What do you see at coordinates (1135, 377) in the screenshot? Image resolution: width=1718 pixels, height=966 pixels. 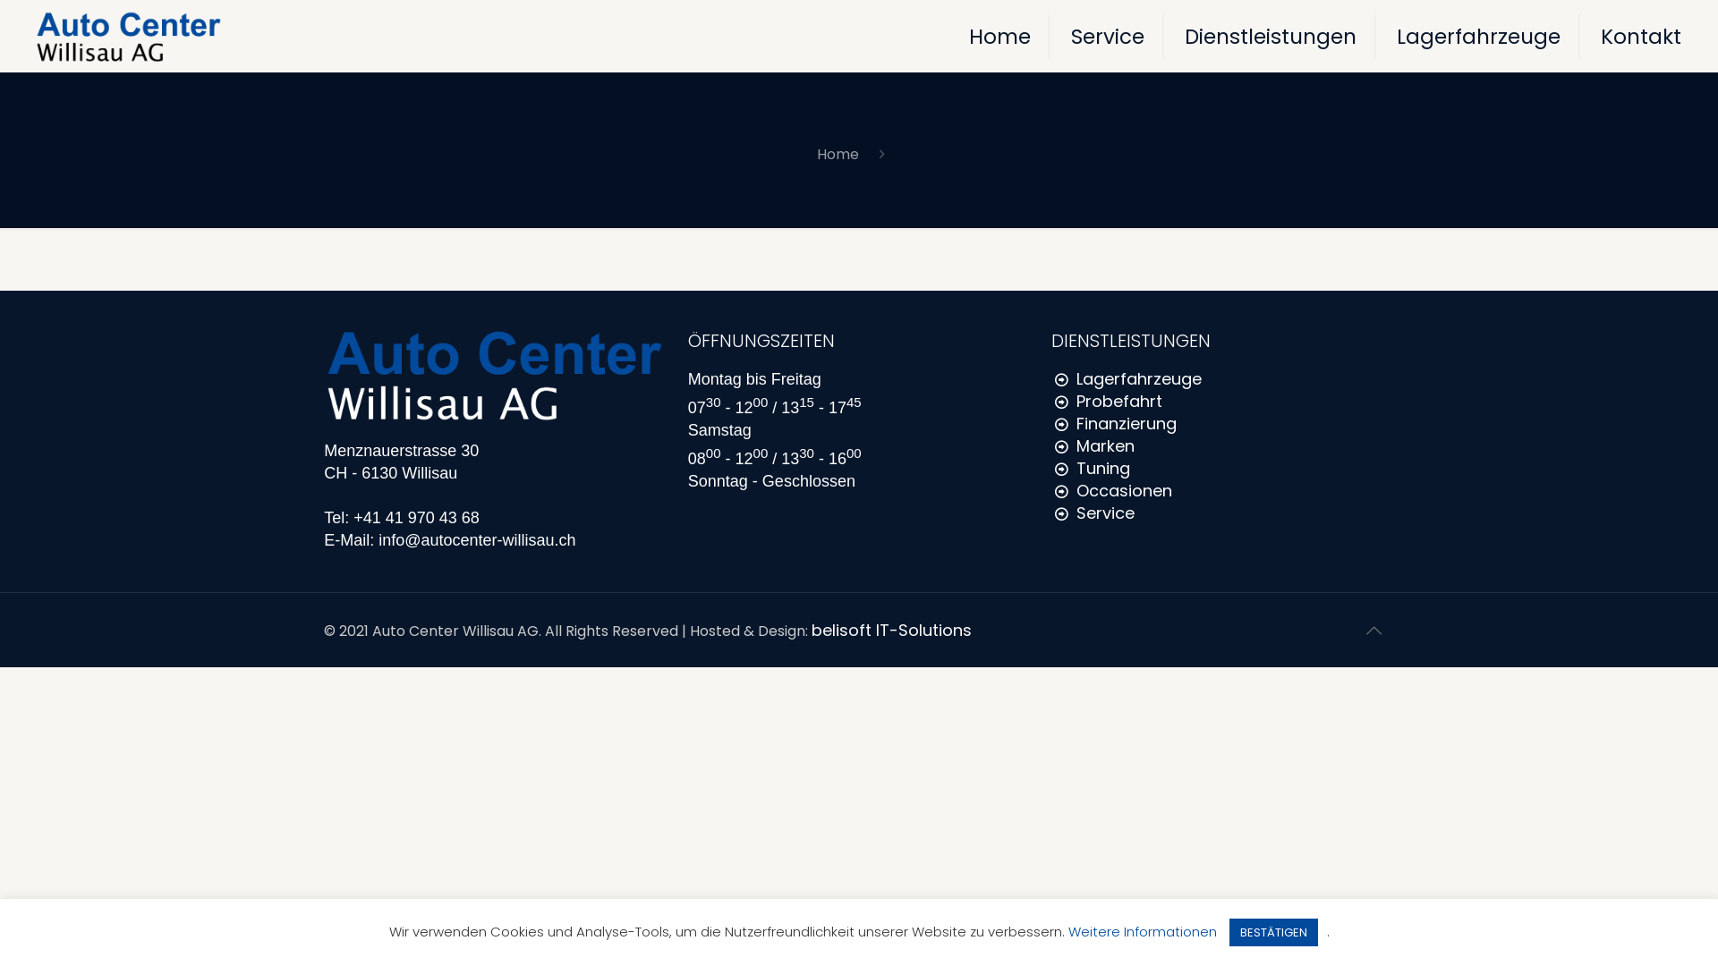 I see `'Lagerfahrzeuge'` at bounding box center [1135, 377].